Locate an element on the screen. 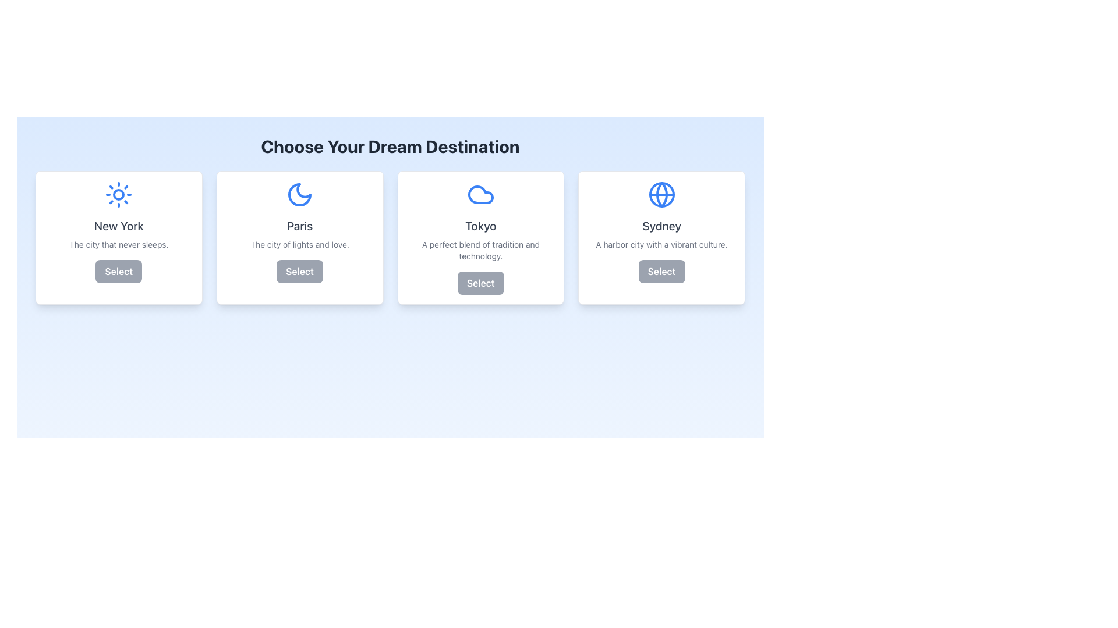  the text label that identifies the destination 'Paris', which is centrally positioned in its card above the description and button is located at coordinates (300, 226).